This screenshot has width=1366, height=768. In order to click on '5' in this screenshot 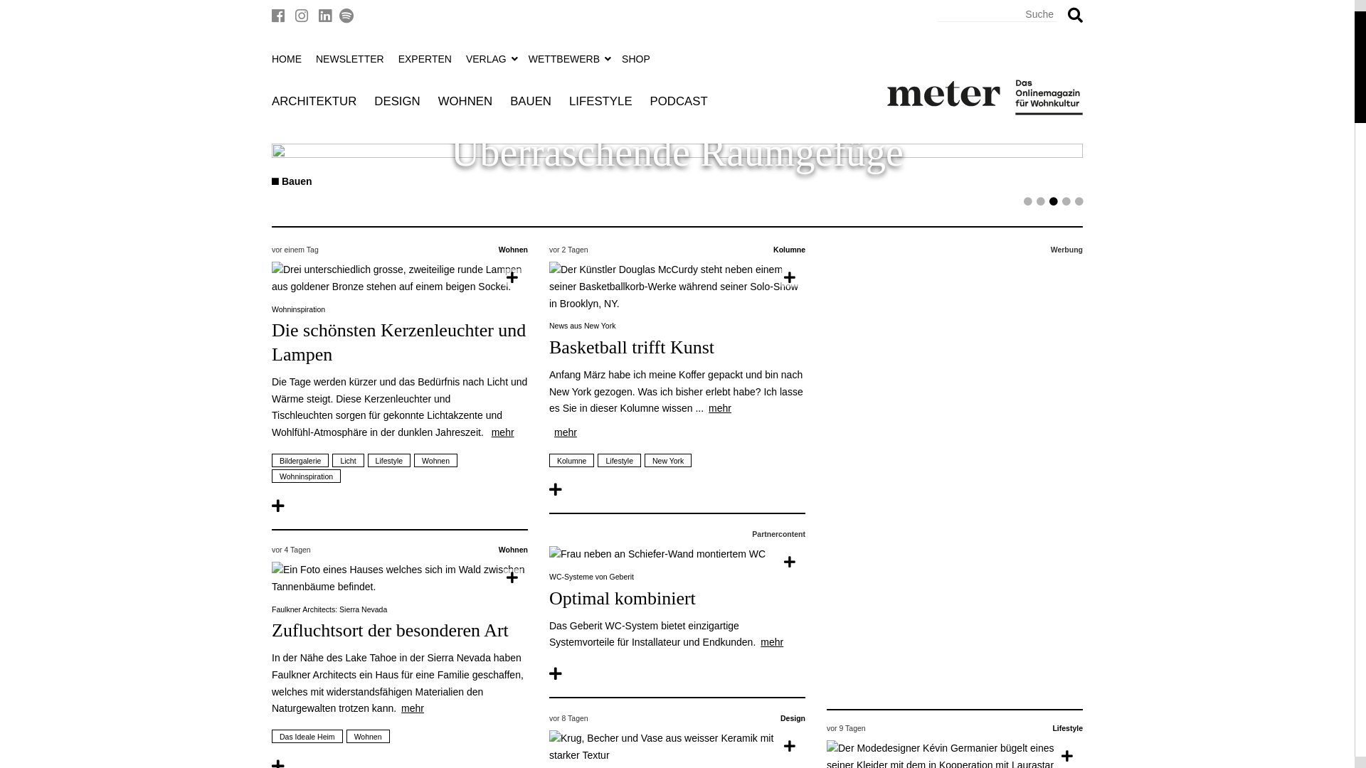, I will do `click(1079, 205)`.